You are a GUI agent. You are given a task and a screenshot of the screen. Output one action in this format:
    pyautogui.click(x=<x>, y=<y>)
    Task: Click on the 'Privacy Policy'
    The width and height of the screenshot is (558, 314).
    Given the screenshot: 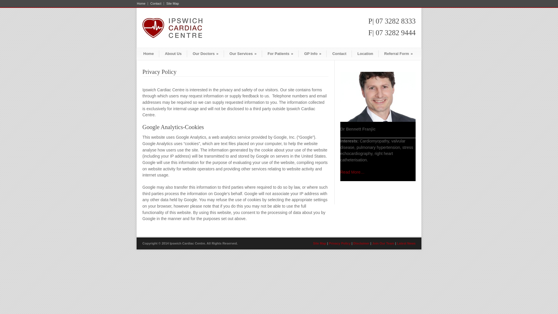 What is the action you would take?
    pyautogui.click(x=340, y=243)
    